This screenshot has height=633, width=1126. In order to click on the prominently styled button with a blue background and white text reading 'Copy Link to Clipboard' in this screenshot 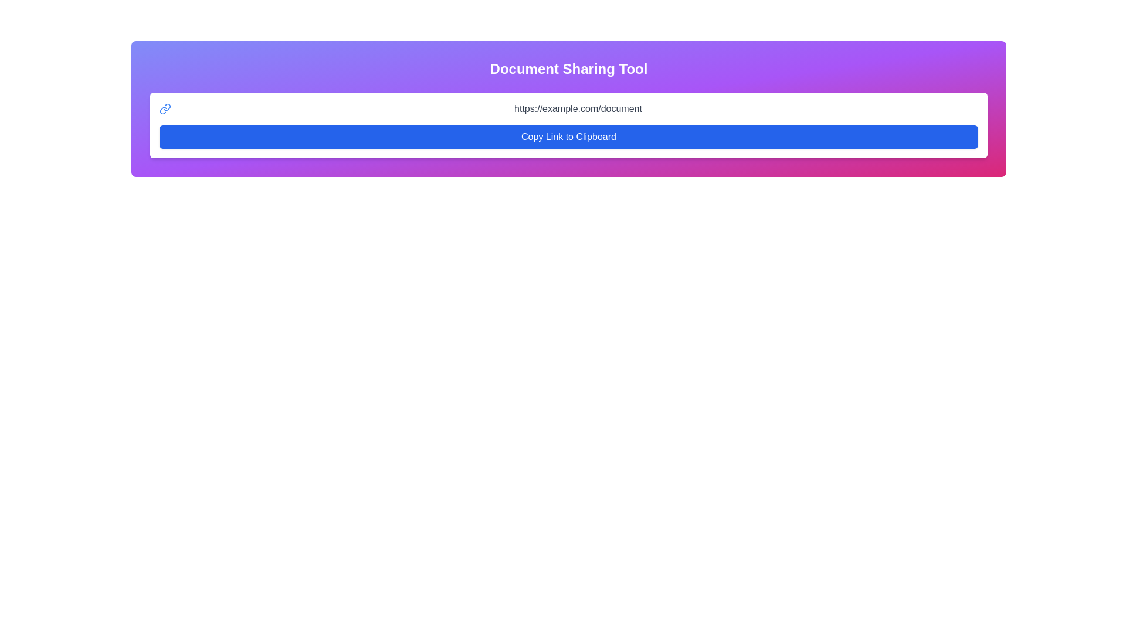, I will do `click(568, 137)`.